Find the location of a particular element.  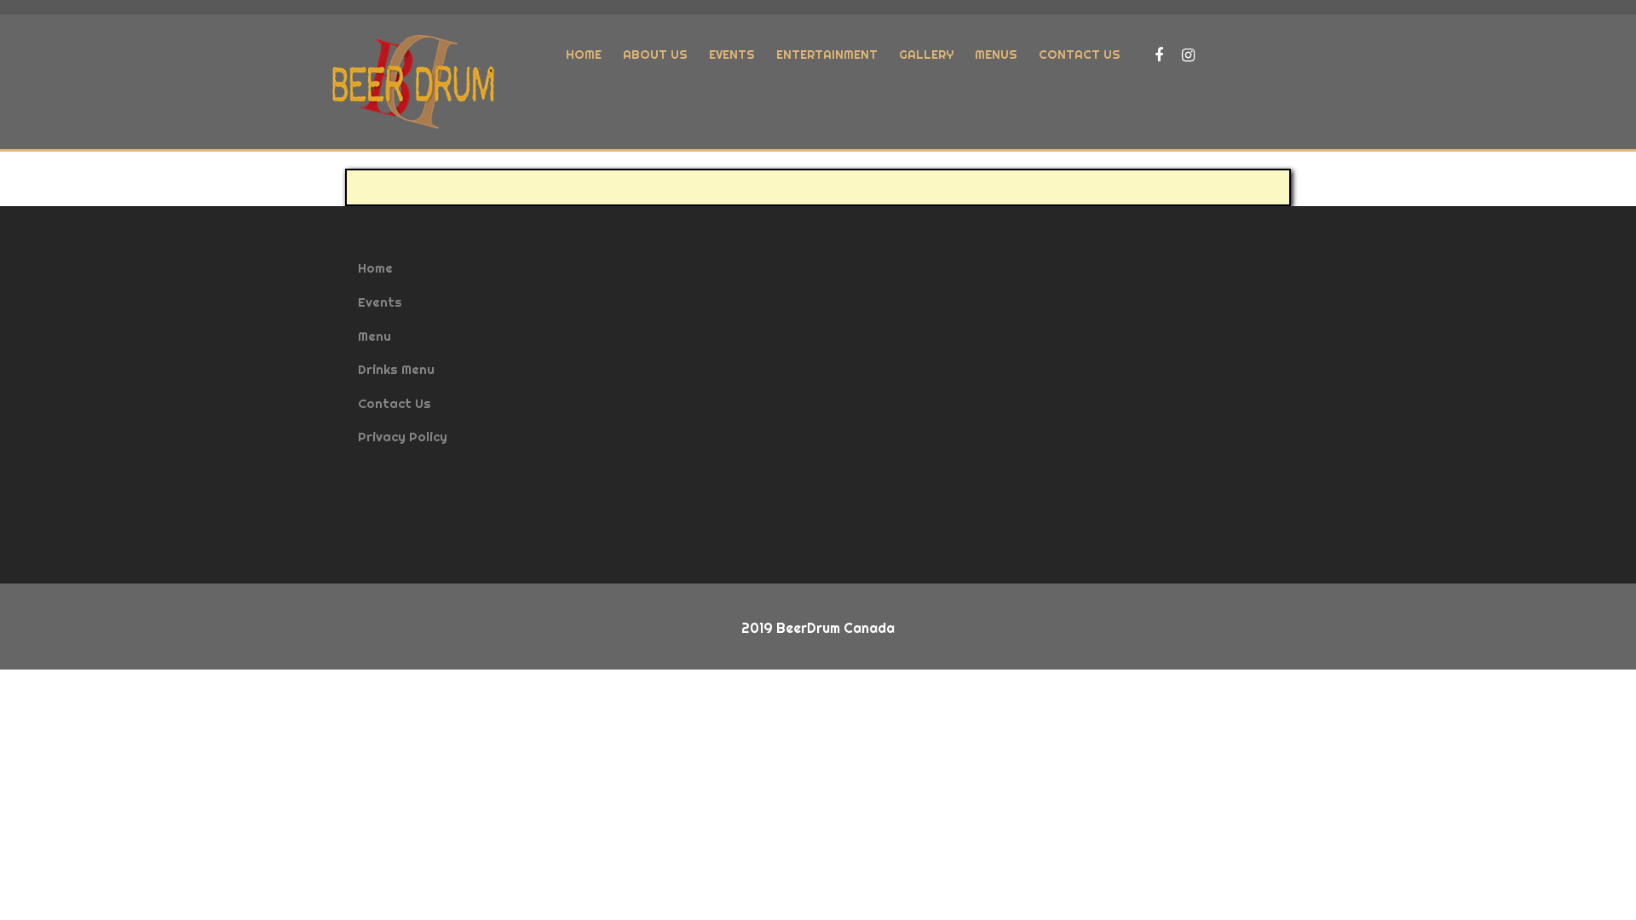

'GALLERY' is located at coordinates (890, 54).